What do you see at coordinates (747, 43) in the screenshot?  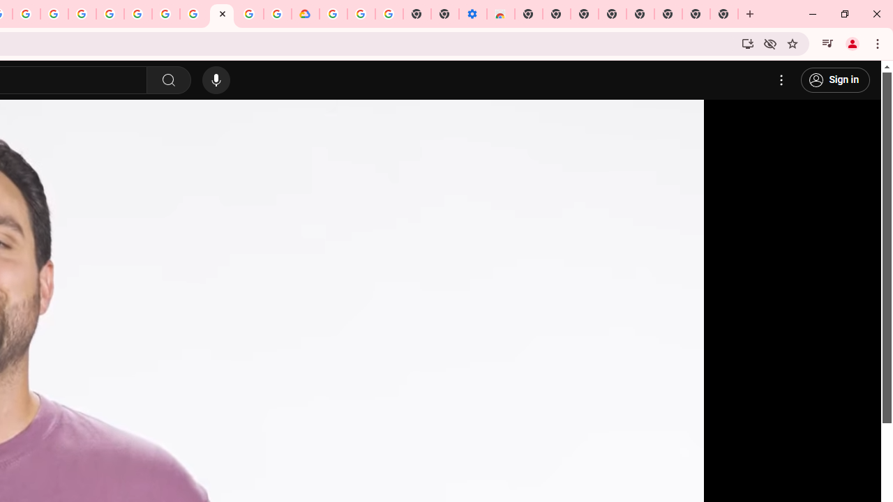 I see `'Install YouTube'` at bounding box center [747, 43].